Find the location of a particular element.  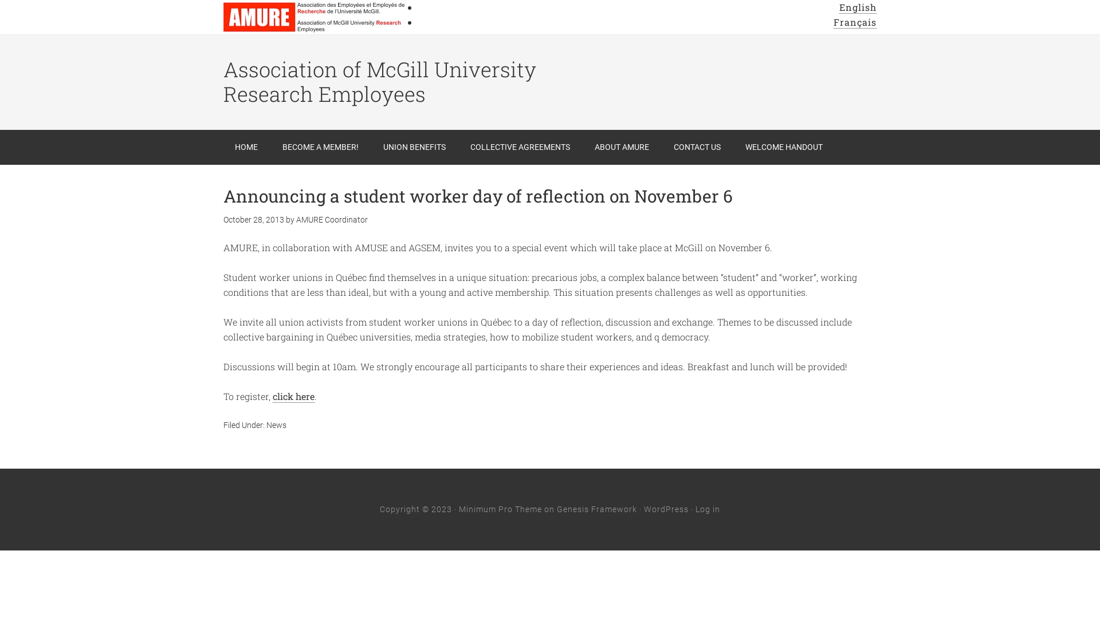

'Log in' is located at coordinates (707, 509).